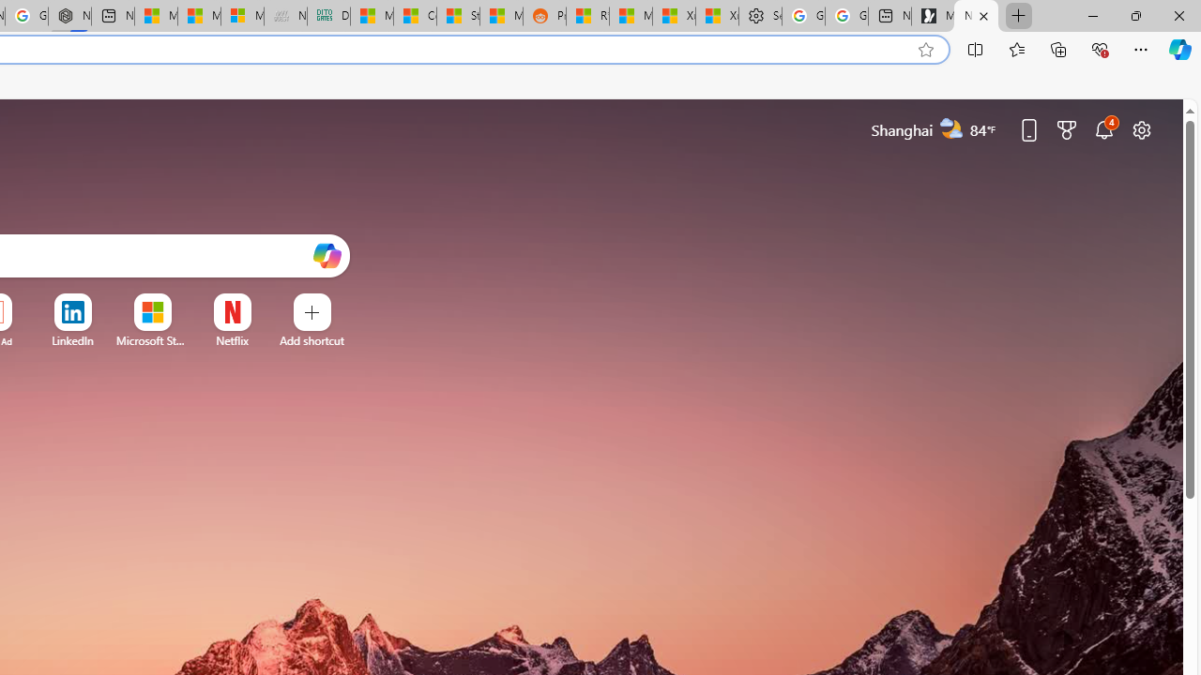 The width and height of the screenshot is (1201, 675). I want to click on 'Add a site', so click(312, 340).